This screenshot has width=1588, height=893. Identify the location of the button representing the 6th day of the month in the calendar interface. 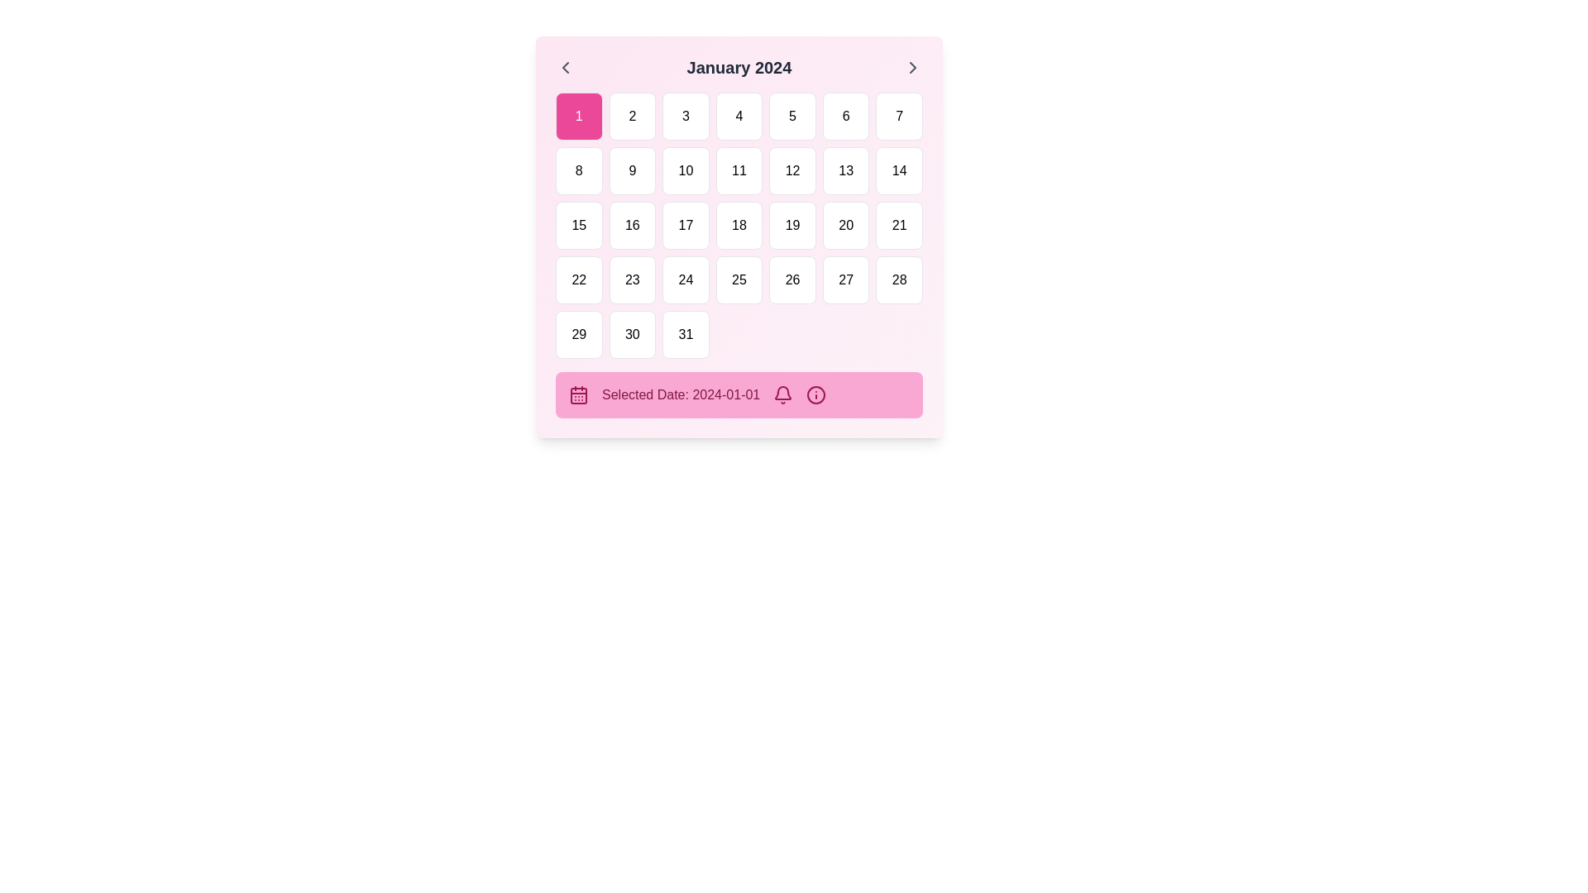
(846, 116).